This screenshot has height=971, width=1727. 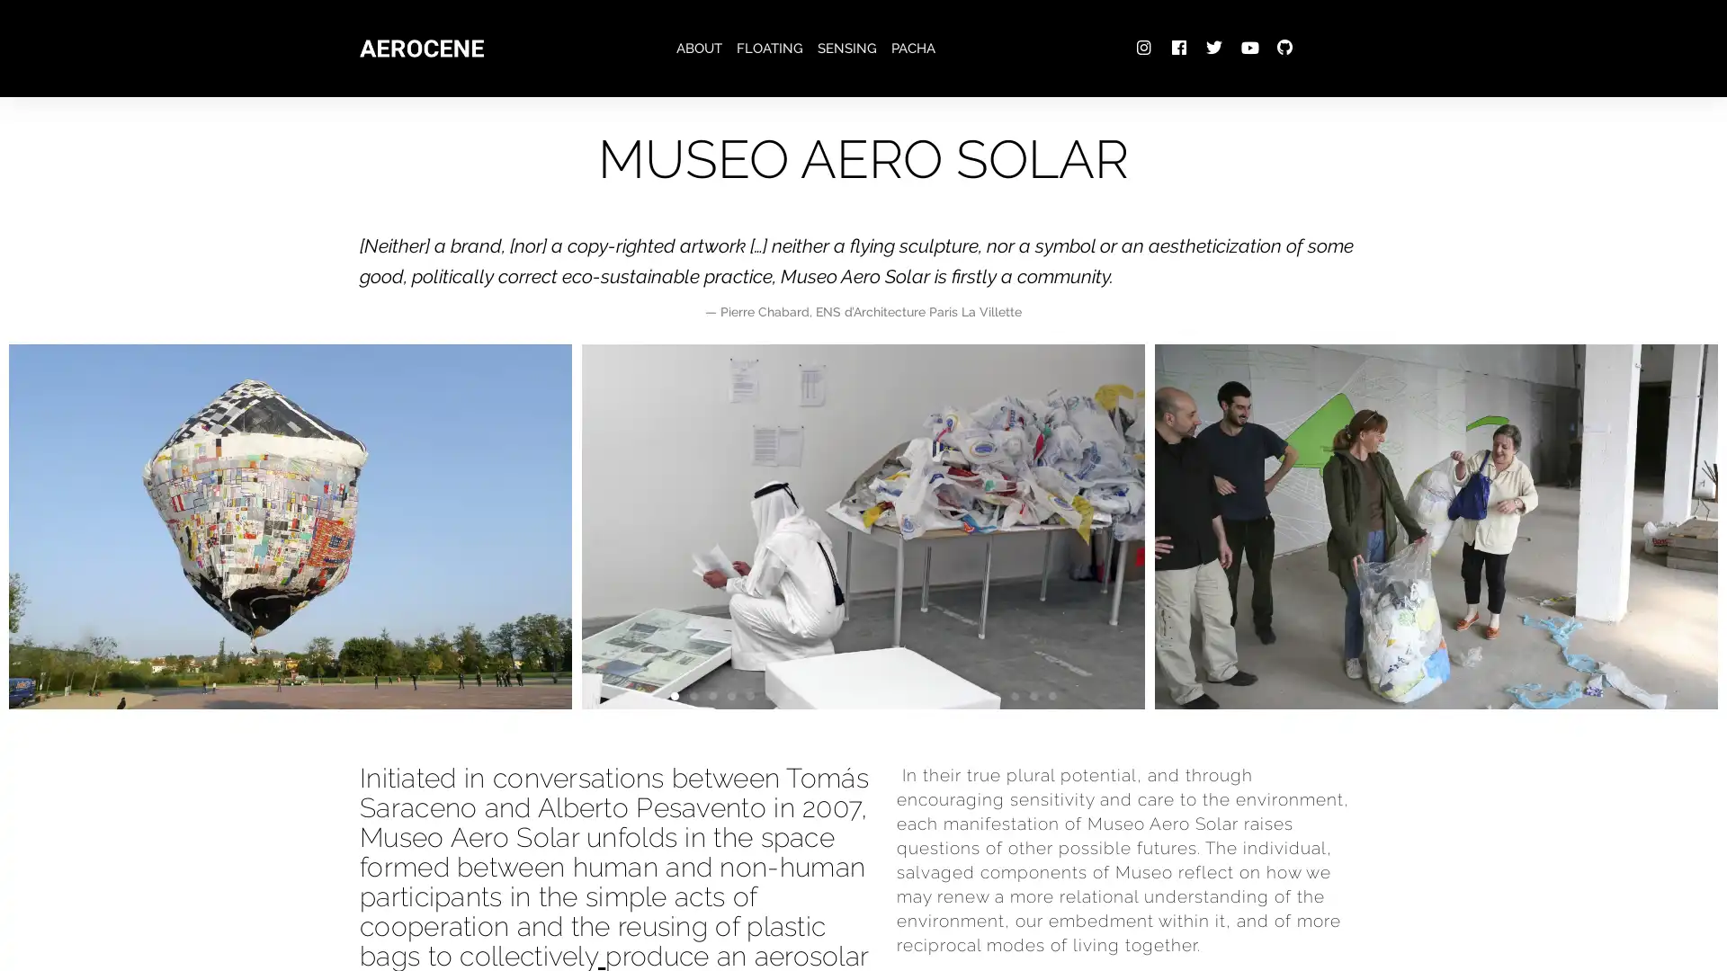 I want to click on Go to slide 8, so click(x=805, y=695).